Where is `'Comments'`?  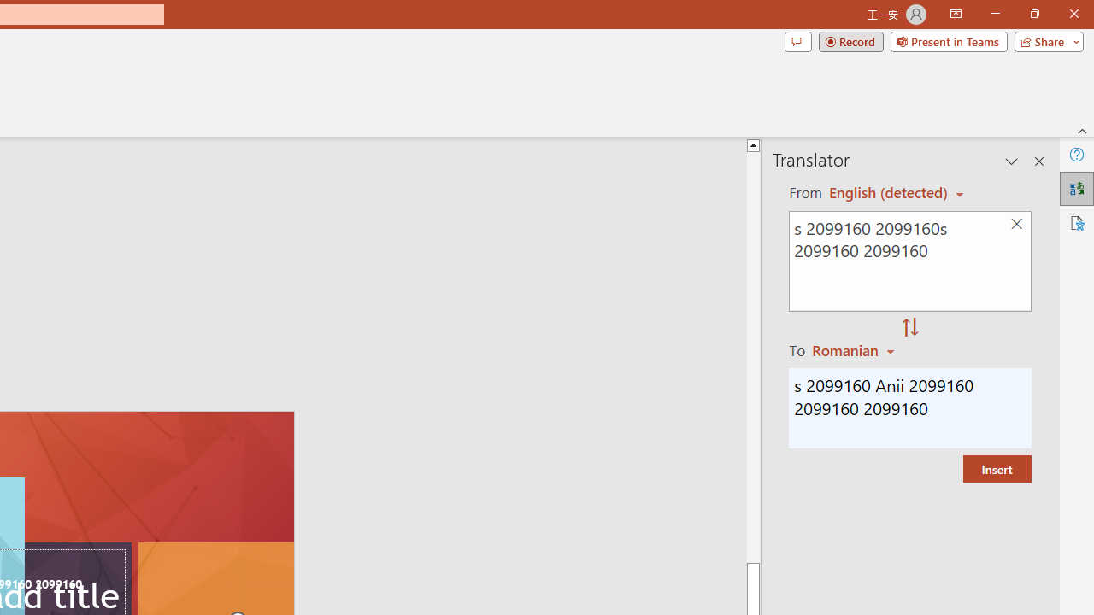
'Comments' is located at coordinates (797, 40).